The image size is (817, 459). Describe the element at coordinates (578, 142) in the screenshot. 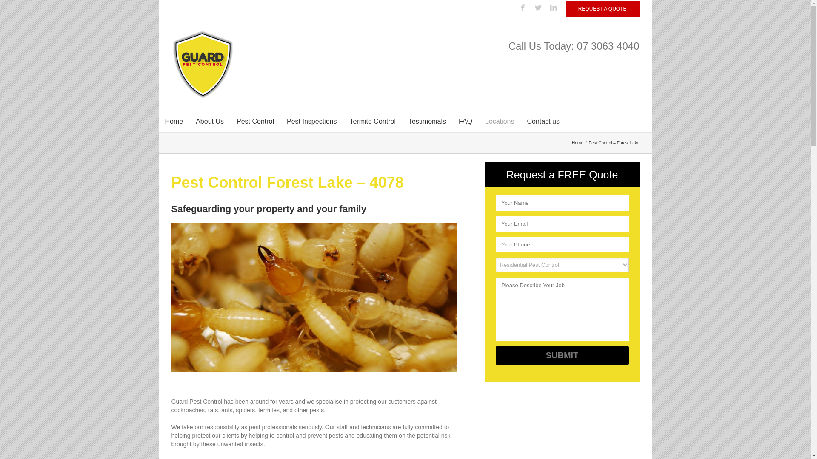

I see `'Home'` at that location.